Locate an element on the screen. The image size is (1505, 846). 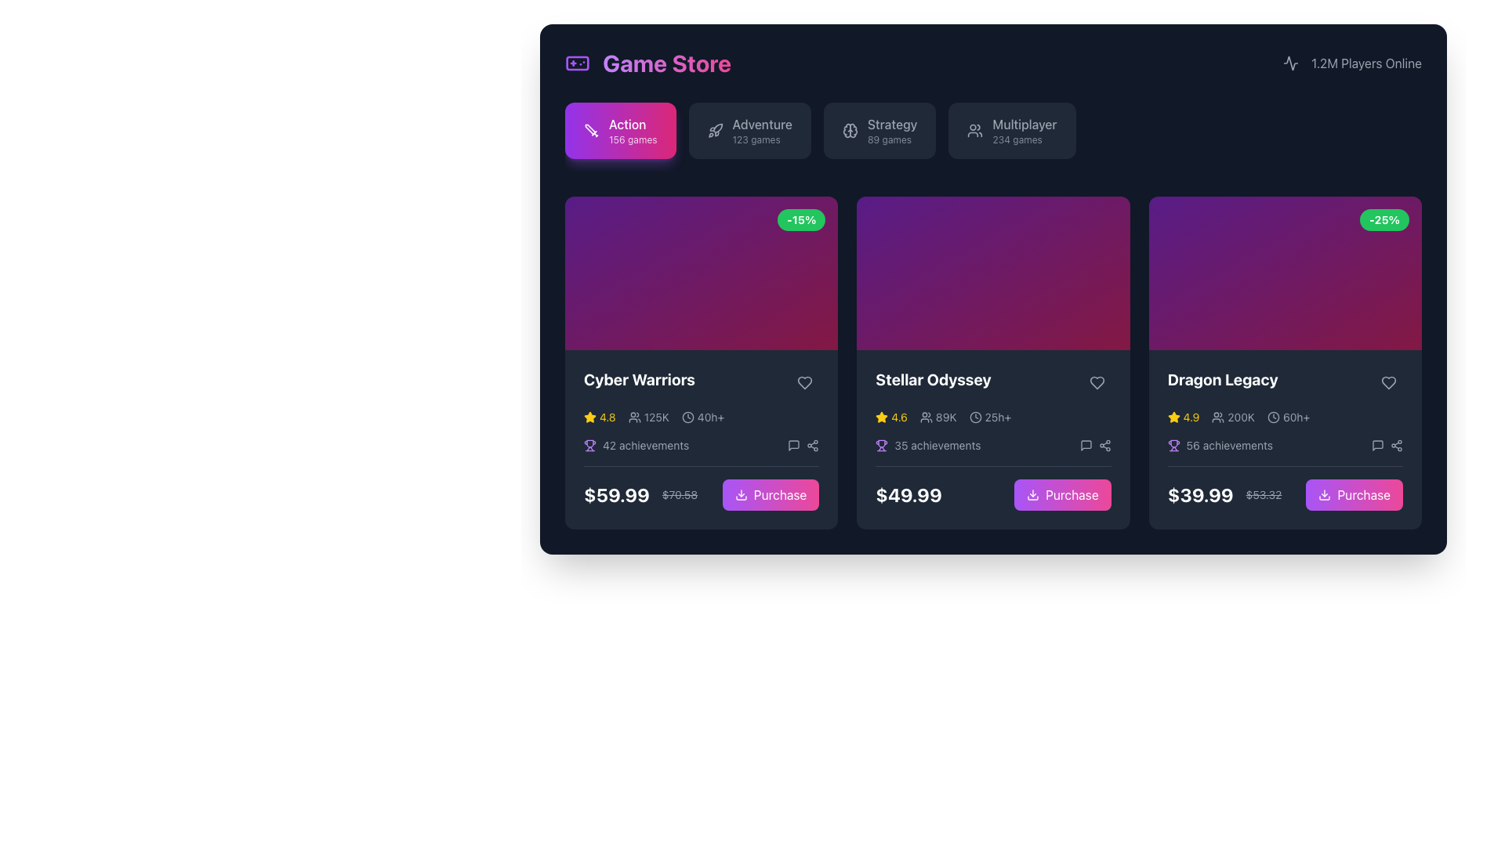
the 'Multiplayer' button which contains the category label and count for multiplayer games to filter by this category is located at coordinates (1024, 129).